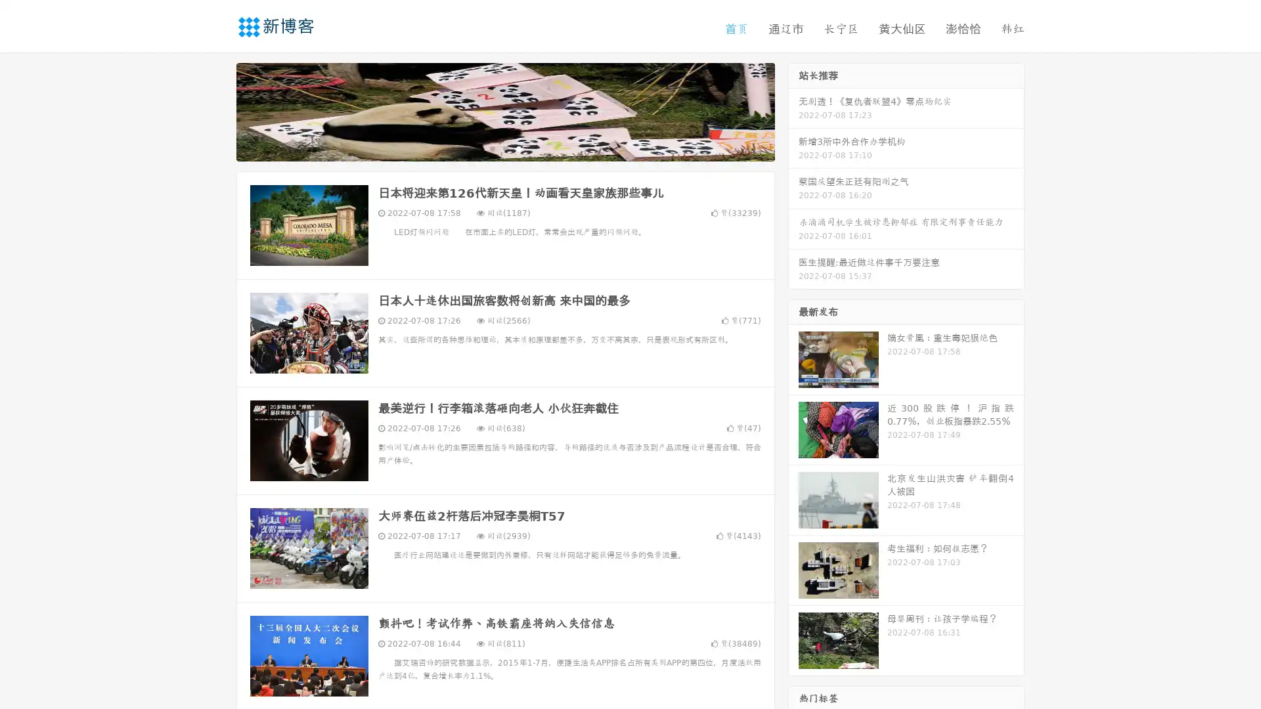 This screenshot has width=1261, height=709. Describe the element at coordinates (504, 148) in the screenshot. I see `Go to slide 2` at that location.